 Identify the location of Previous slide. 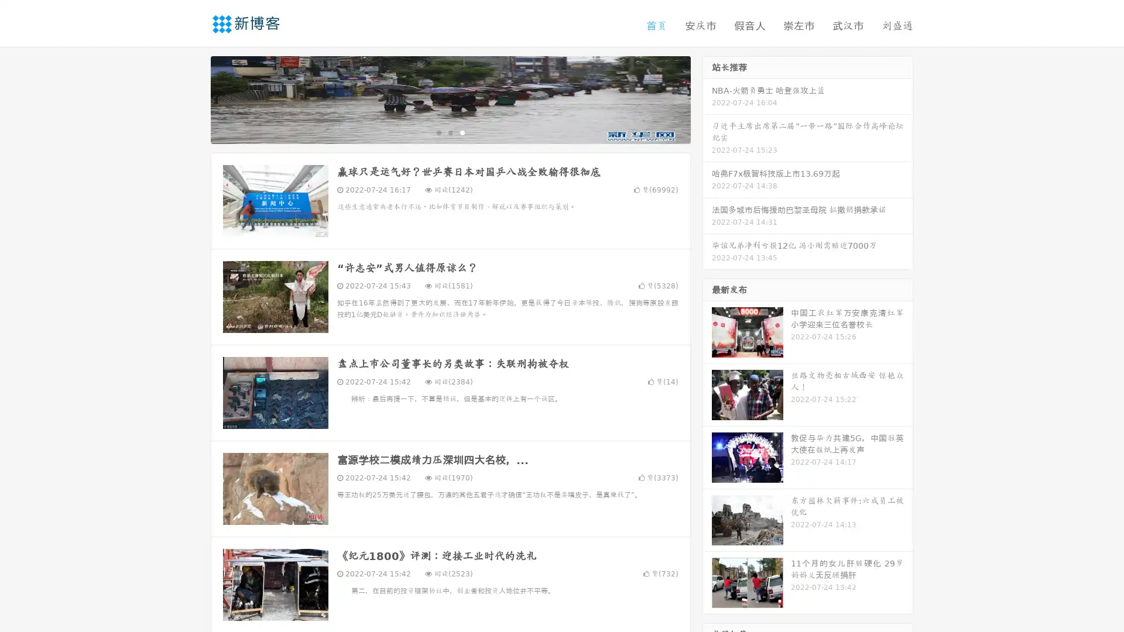
(193, 98).